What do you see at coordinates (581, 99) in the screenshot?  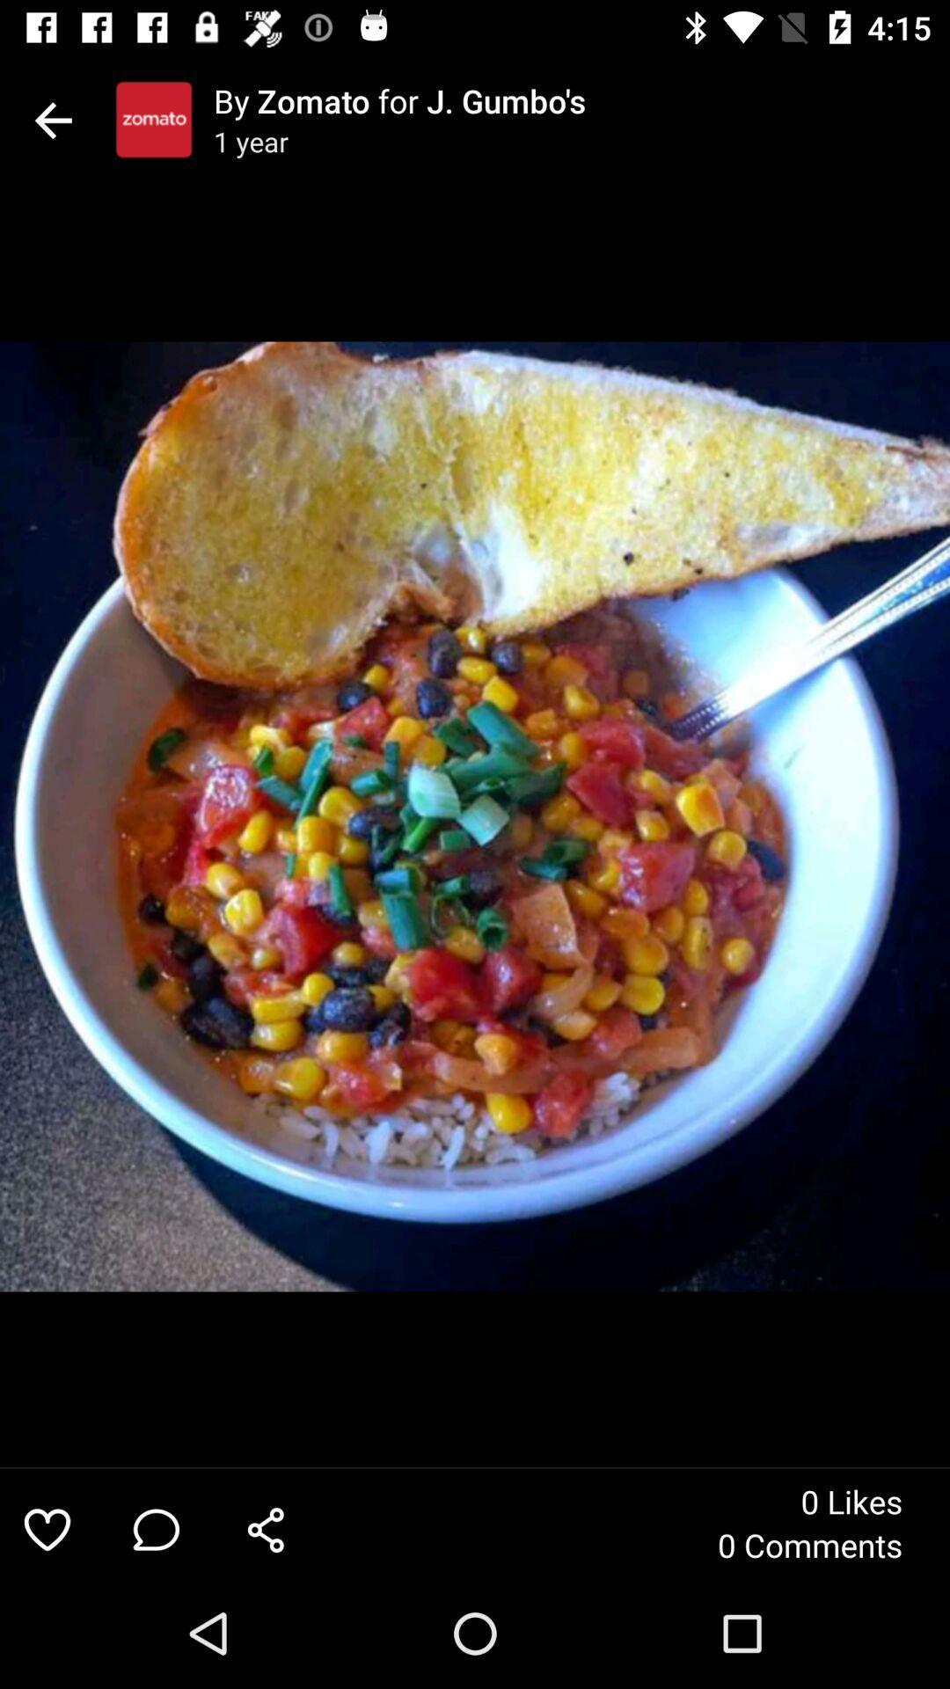 I see `the by zomato for` at bounding box center [581, 99].